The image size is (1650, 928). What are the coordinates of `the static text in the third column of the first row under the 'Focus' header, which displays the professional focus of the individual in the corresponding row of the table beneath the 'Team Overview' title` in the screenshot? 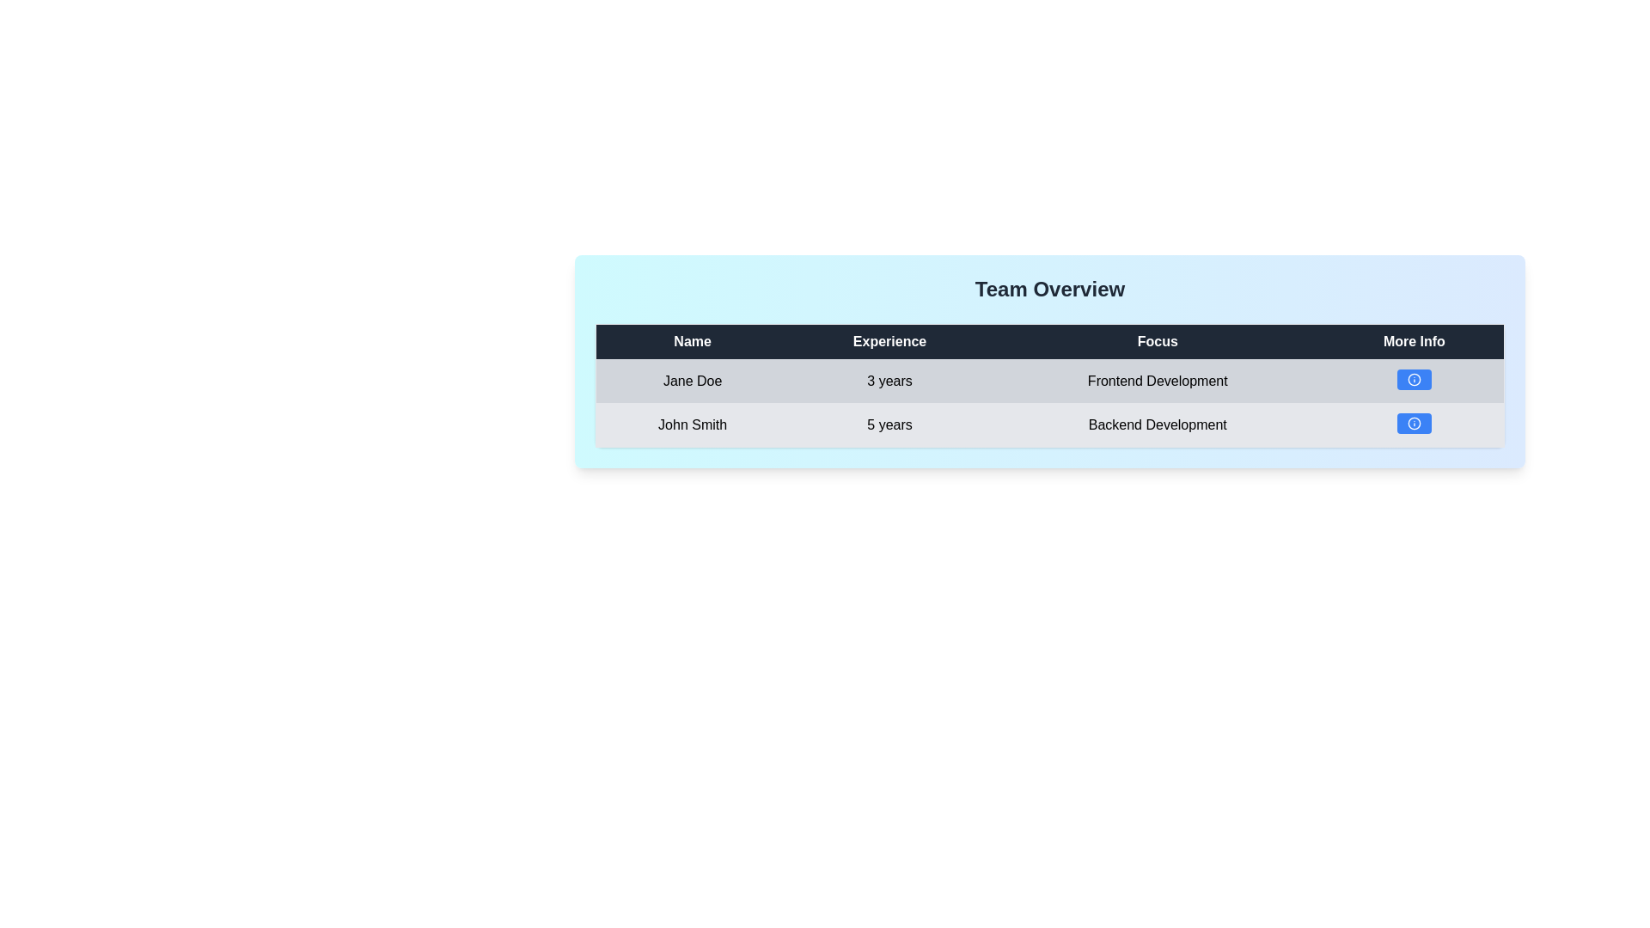 It's located at (1158, 380).